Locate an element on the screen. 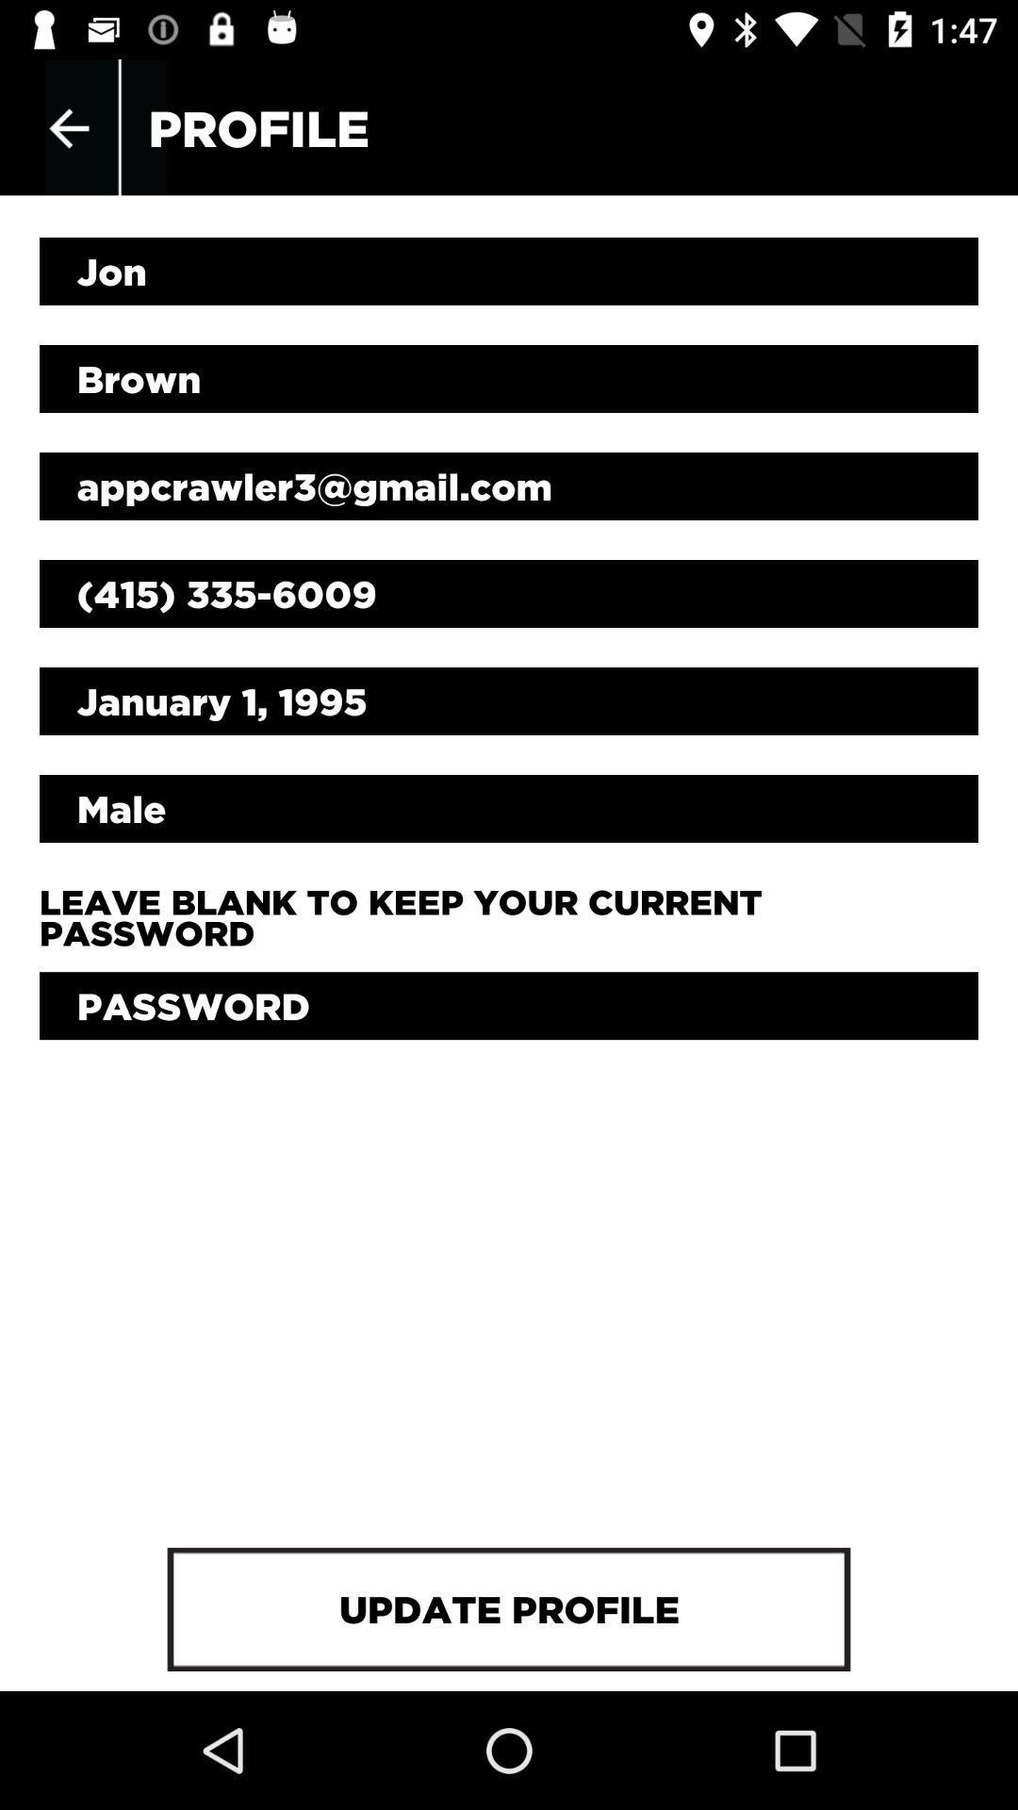 This screenshot has height=1810, width=1018. male is located at coordinates (509, 809).